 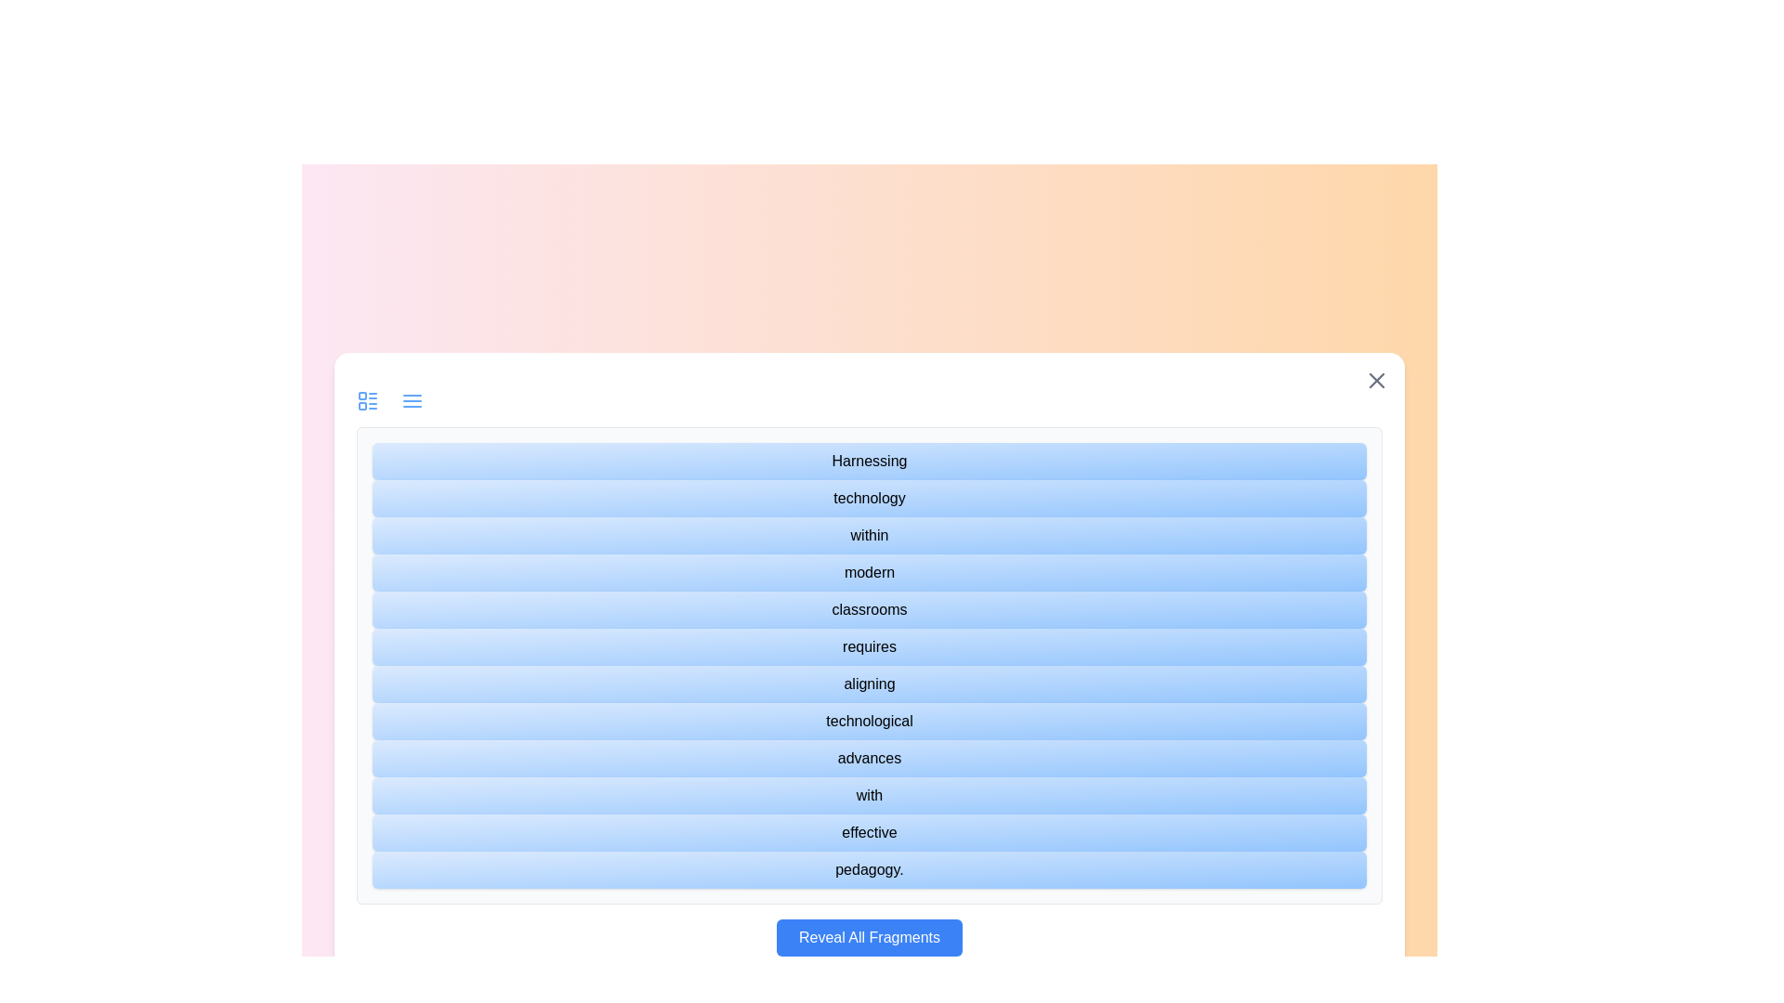 I want to click on the text fragment labeled 'with', so click(x=869, y=794).